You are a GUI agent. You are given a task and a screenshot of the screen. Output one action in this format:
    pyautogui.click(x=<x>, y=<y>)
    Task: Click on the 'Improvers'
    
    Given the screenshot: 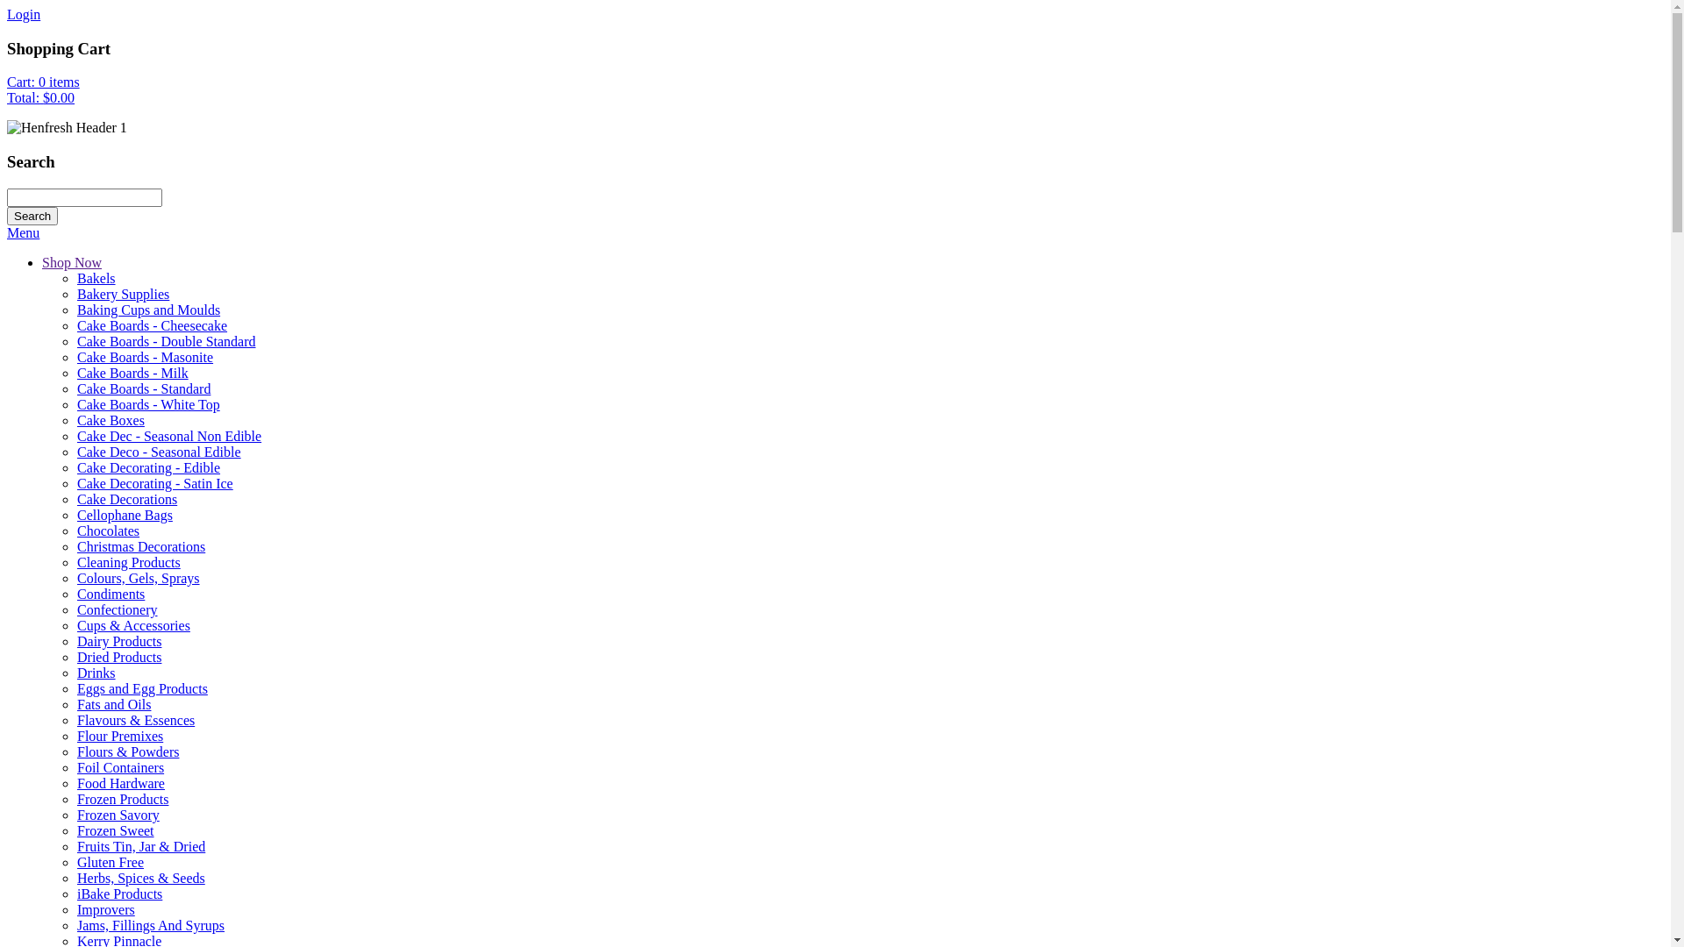 What is the action you would take?
    pyautogui.click(x=75, y=908)
    